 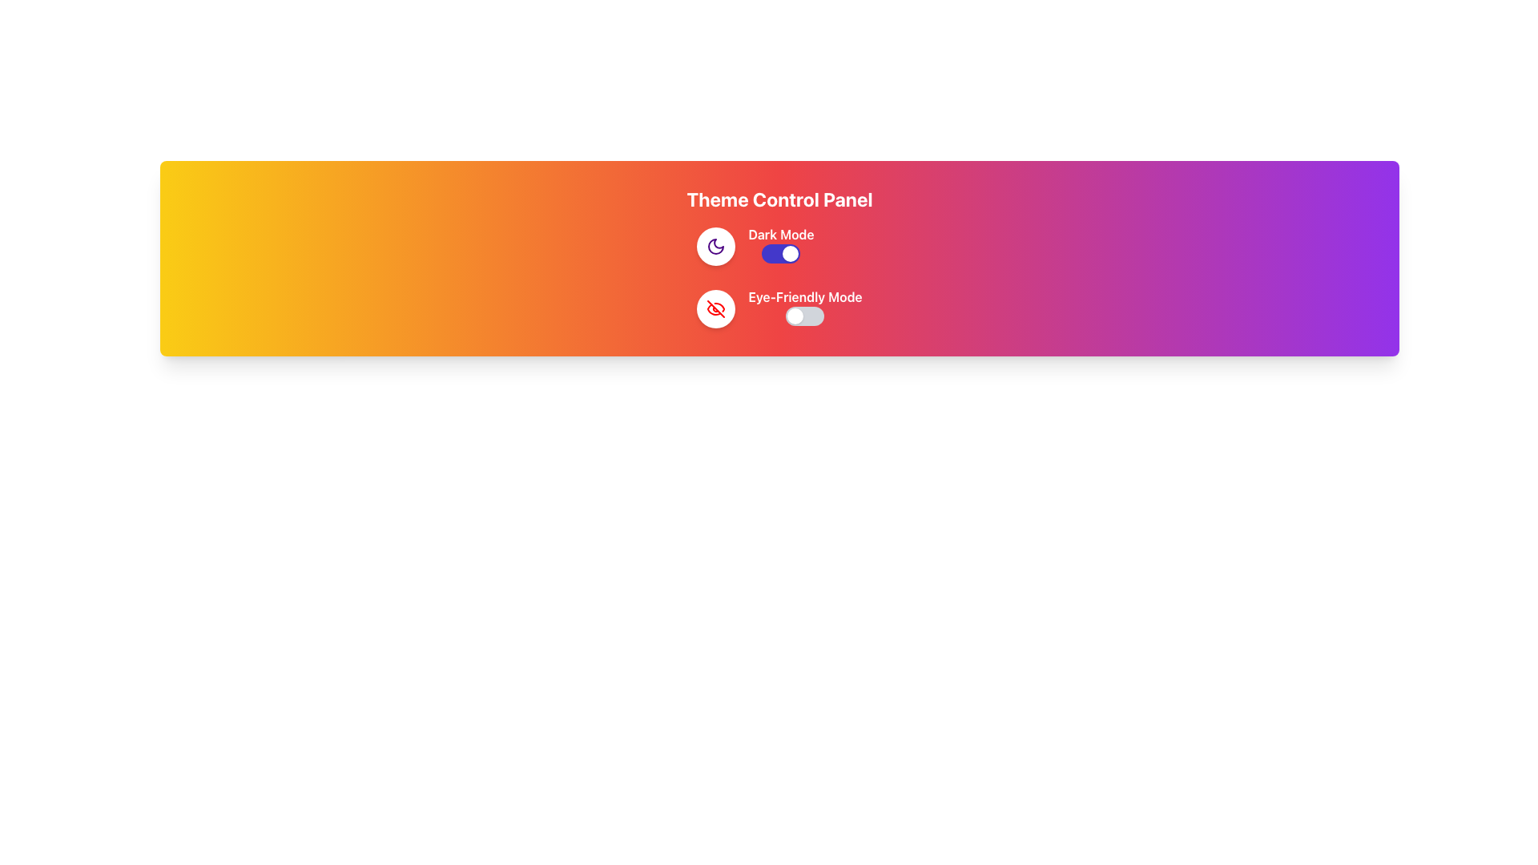 I want to click on the toggle switch for the 'Dark Mode' feature under the 'Theme Control Panel' header to change its state, so click(x=779, y=247).